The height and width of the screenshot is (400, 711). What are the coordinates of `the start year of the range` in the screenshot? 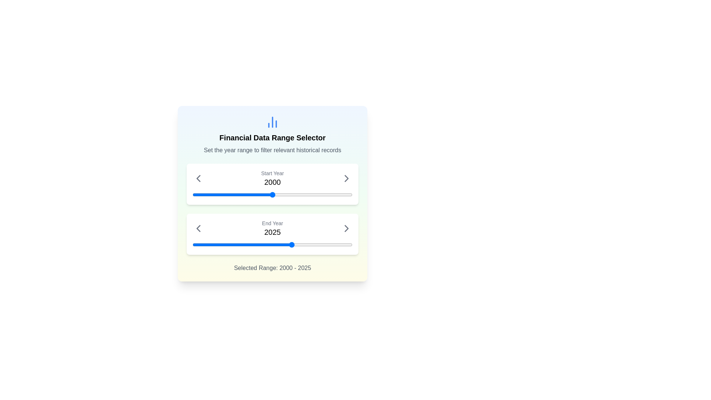 It's located at (309, 194).